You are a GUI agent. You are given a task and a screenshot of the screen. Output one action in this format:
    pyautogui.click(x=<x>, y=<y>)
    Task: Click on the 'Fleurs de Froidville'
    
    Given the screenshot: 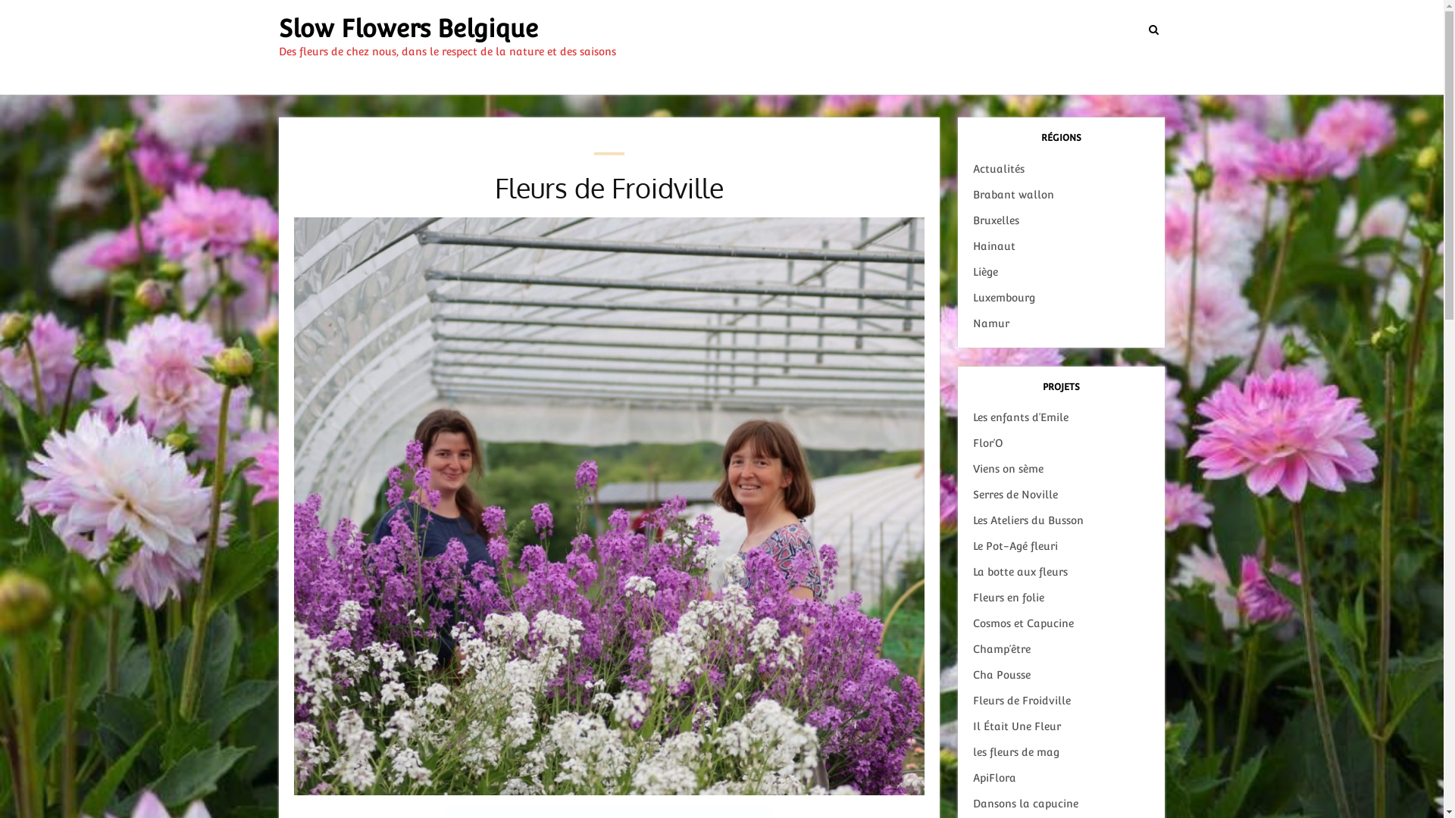 What is the action you would take?
    pyautogui.click(x=1022, y=701)
    